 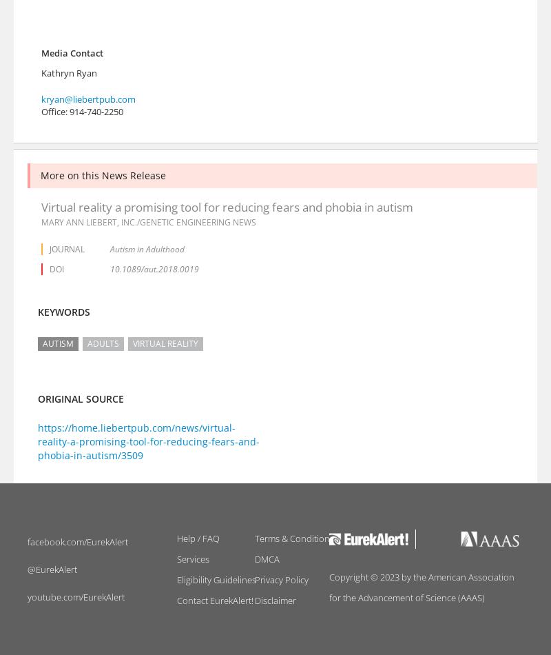 What do you see at coordinates (192, 558) in the screenshot?
I see `'Services'` at bounding box center [192, 558].